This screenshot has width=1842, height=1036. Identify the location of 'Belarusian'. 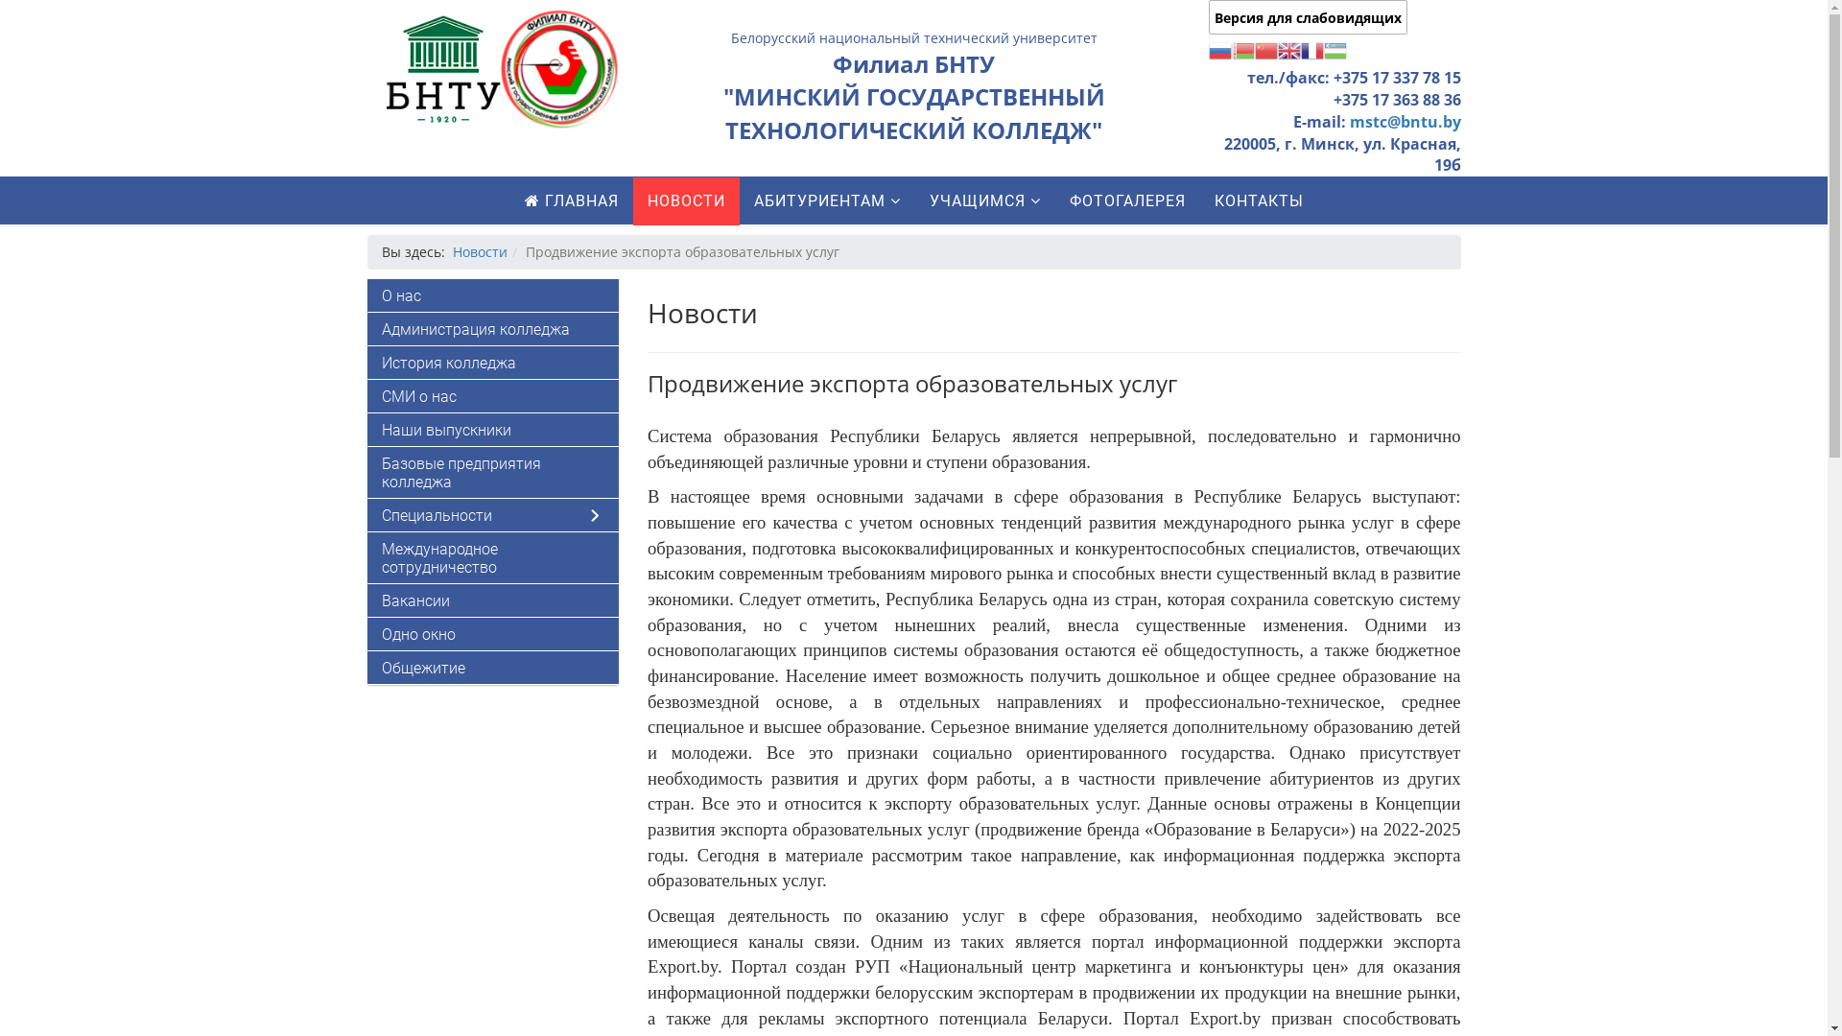
(1243, 48).